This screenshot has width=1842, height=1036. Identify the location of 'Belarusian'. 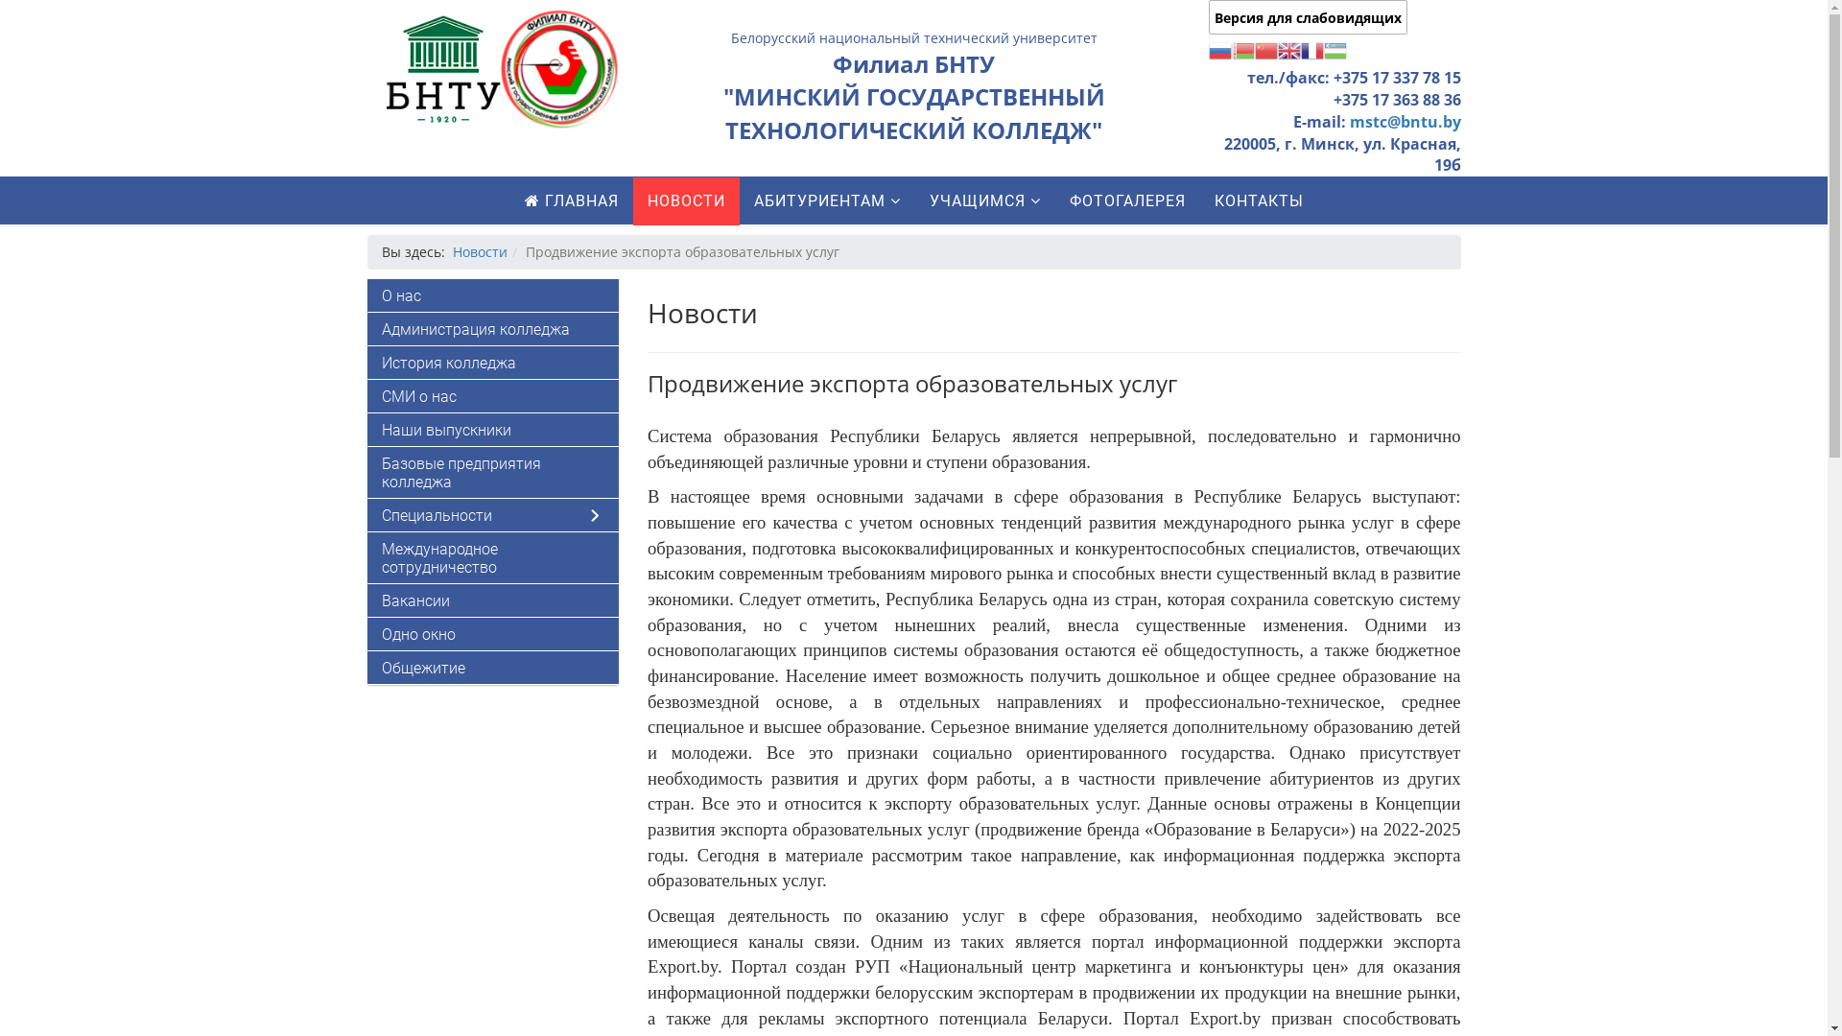
(1243, 48).